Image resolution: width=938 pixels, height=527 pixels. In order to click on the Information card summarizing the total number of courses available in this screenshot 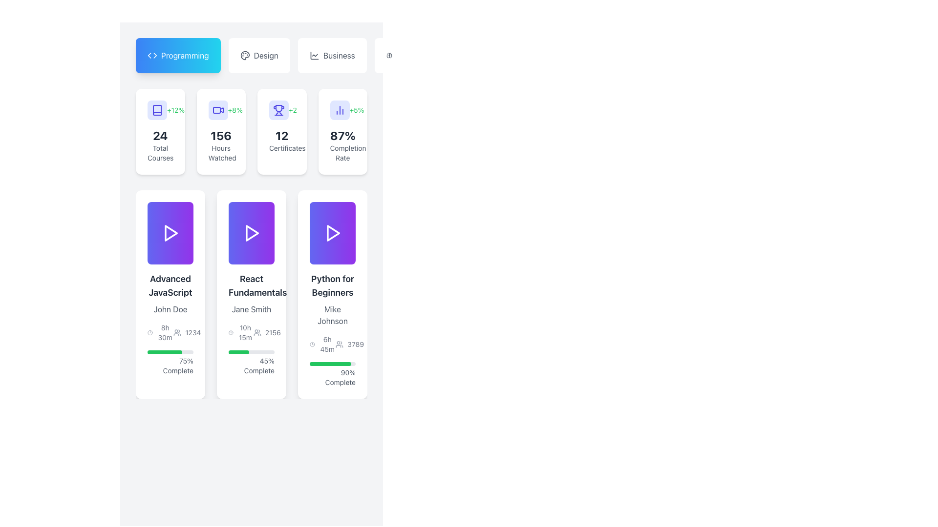, I will do `click(160, 132)`.